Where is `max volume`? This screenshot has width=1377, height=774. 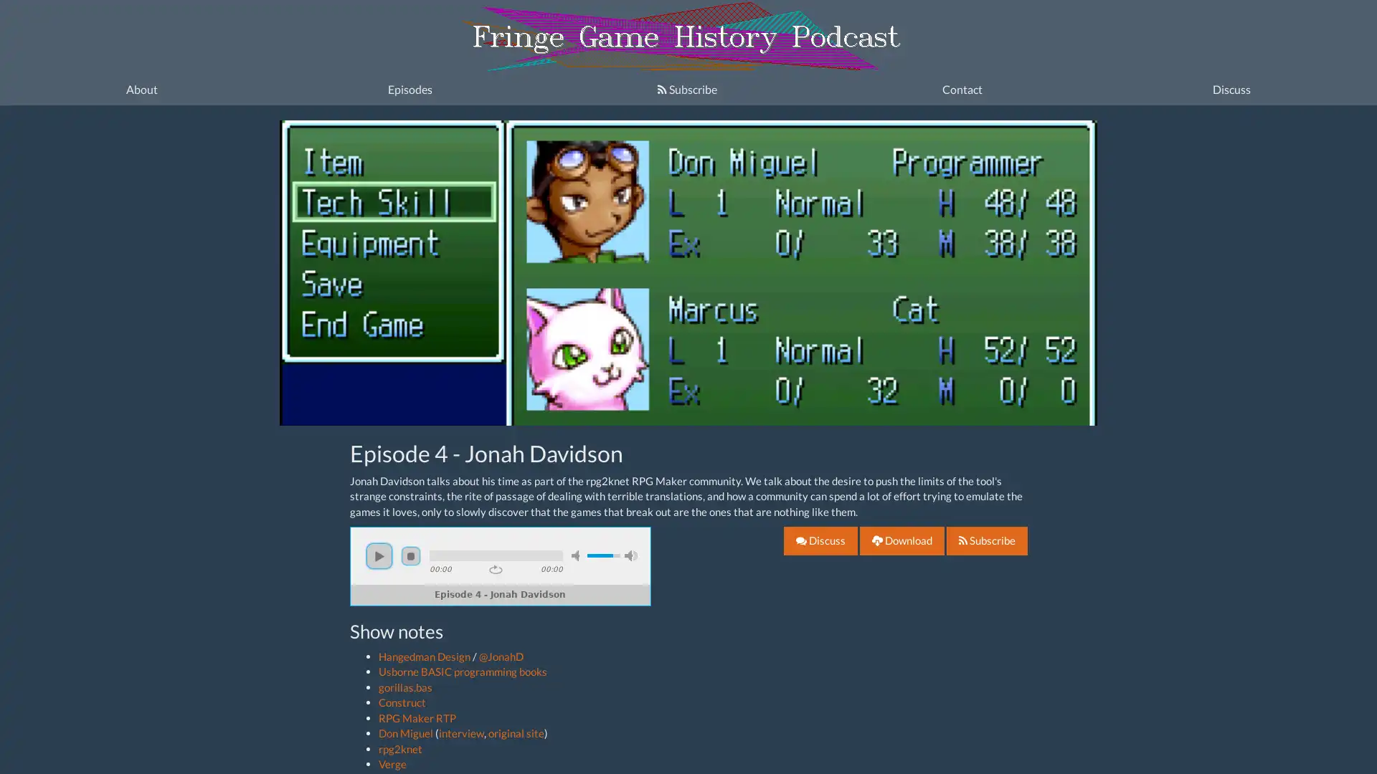 max volume is located at coordinates (630, 555).